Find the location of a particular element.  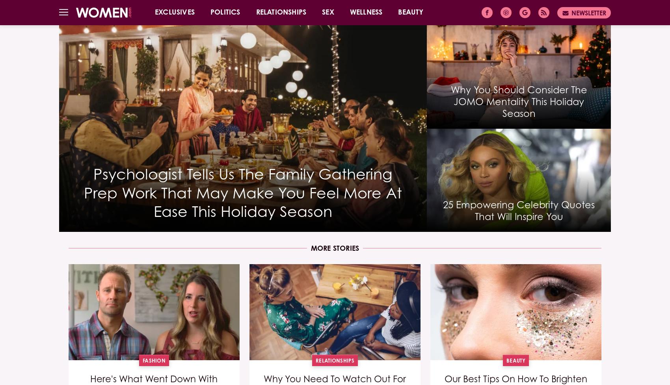

'FEATURES' is located at coordinates (239, 40).